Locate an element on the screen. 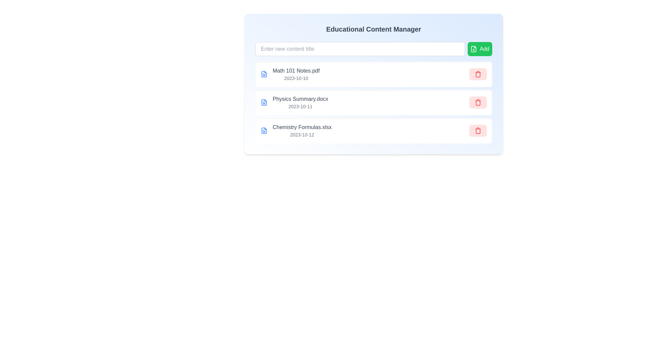  the static text label displaying the date '2023-10-11', which is positioned beneath the filename 'Physics Summary.docx' and aligned to the left margin of the filename is located at coordinates (300, 106).